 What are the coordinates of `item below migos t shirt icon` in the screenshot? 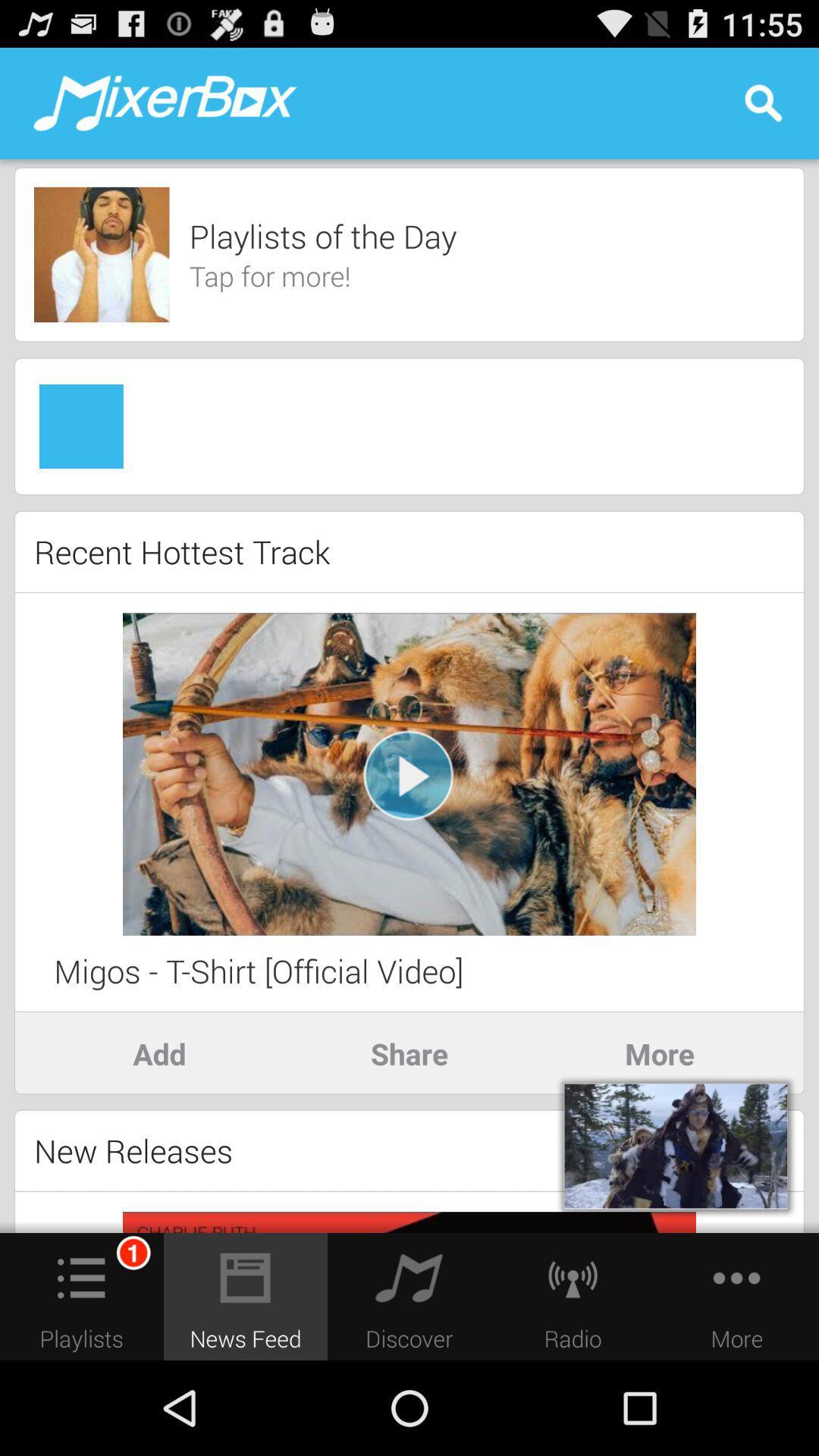 It's located at (409, 1053).